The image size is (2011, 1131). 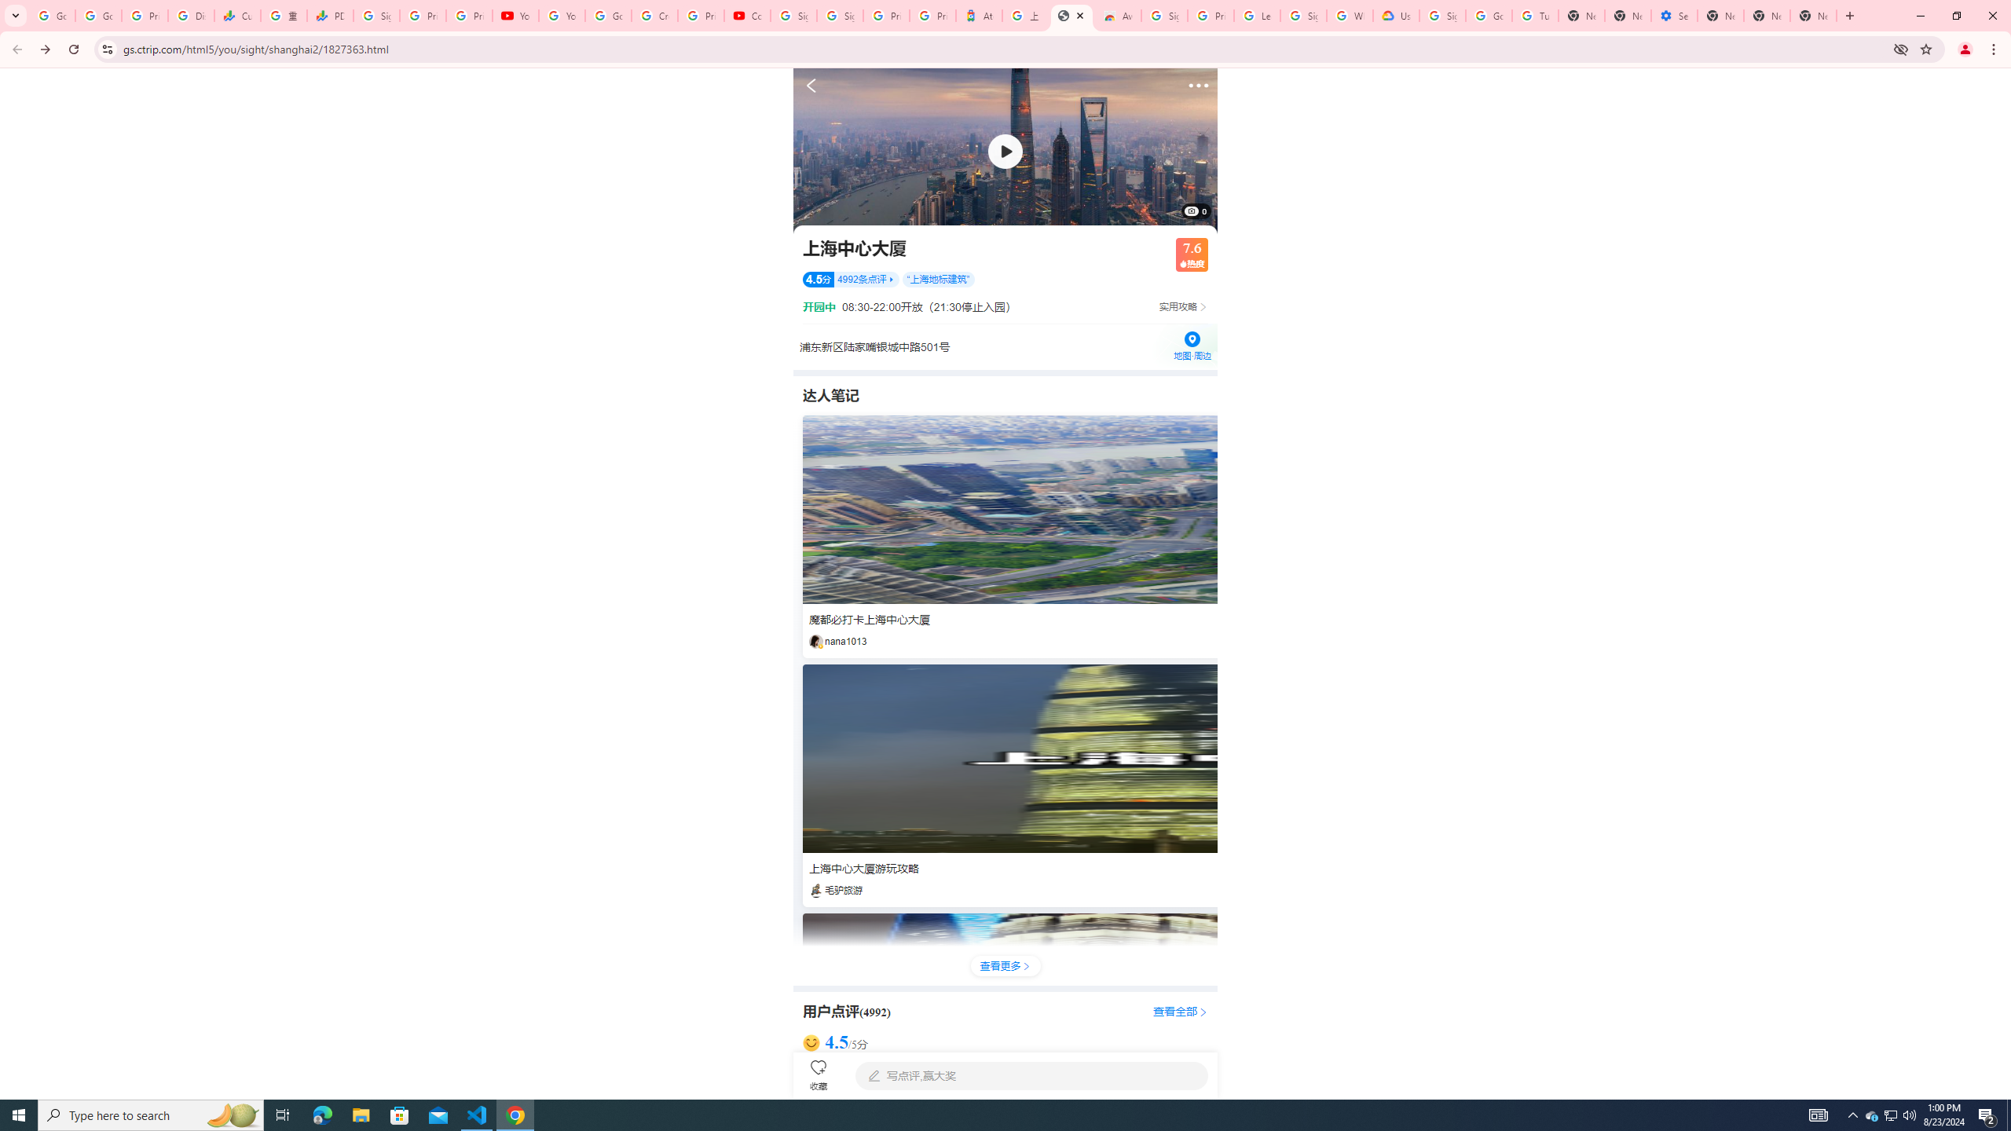 I want to click on 'Atour Hotel - Google hotels', so click(x=979, y=15).